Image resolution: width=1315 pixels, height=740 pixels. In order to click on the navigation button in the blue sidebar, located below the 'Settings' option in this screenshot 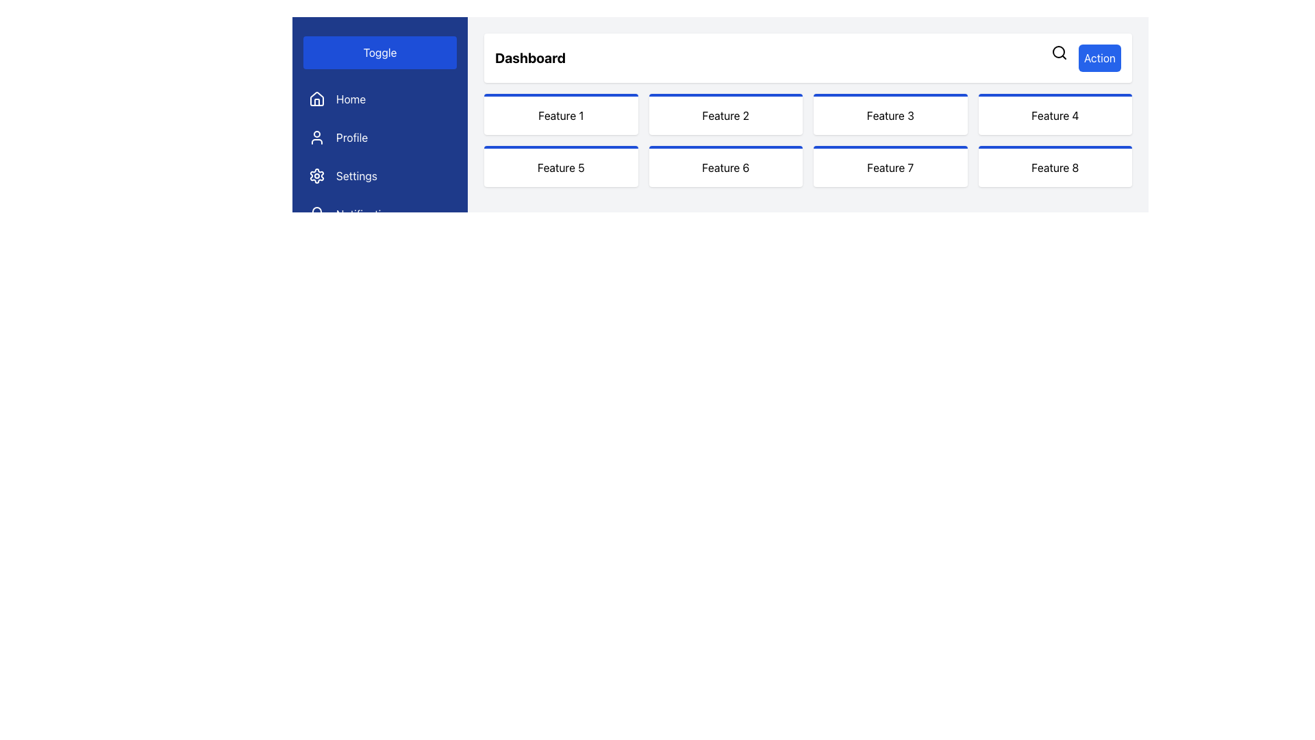, I will do `click(380, 214)`.